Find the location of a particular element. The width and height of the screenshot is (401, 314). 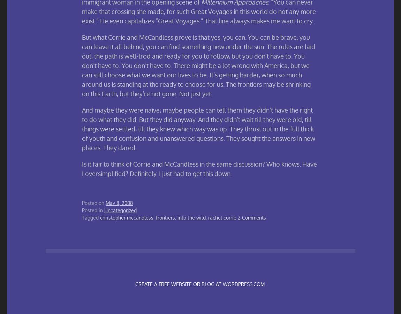

'Posted in' is located at coordinates (93, 210).